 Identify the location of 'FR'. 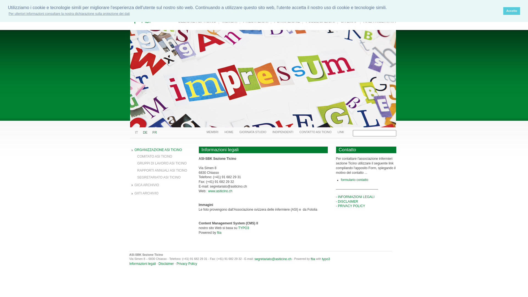
(154, 133).